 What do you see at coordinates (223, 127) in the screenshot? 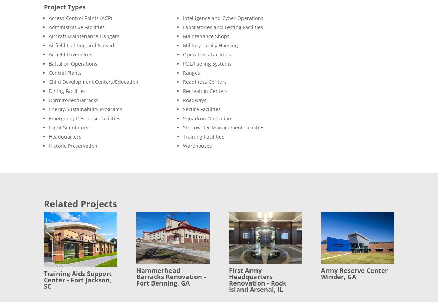
I see `'Stormwater Management Facilities'` at bounding box center [223, 127].